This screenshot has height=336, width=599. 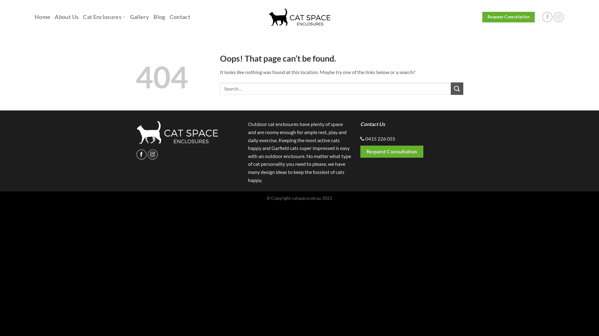 I want to click on ' 0415 226 055', so click(x=379, y=138).